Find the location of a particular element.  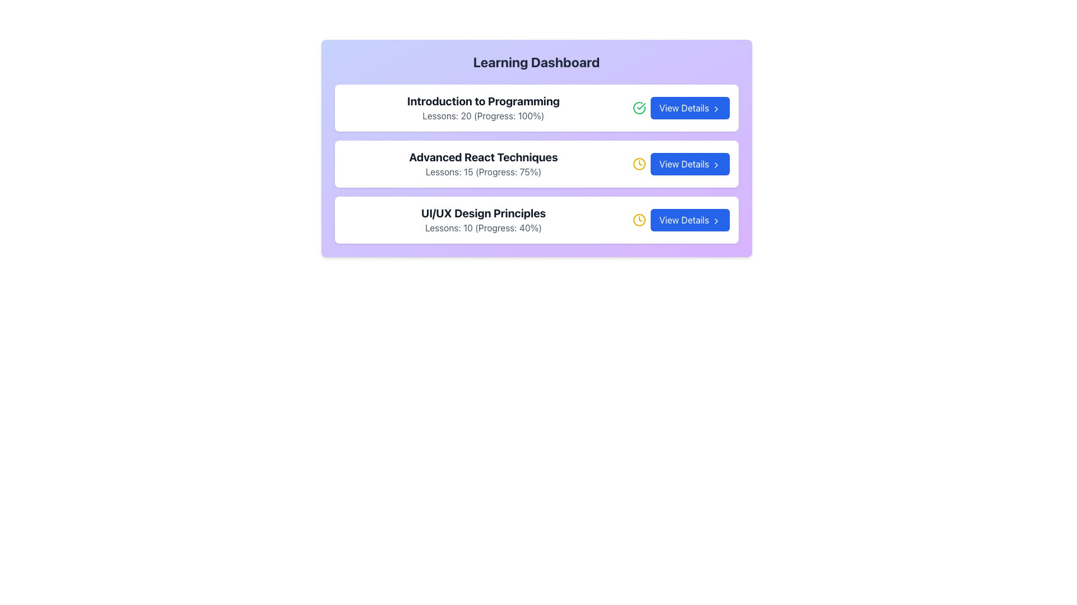

the text label displaying 'Advanced React Techniques', which is located at the top part of the second card in a vertically stacked list of courses is located at coordinates (484, 157).